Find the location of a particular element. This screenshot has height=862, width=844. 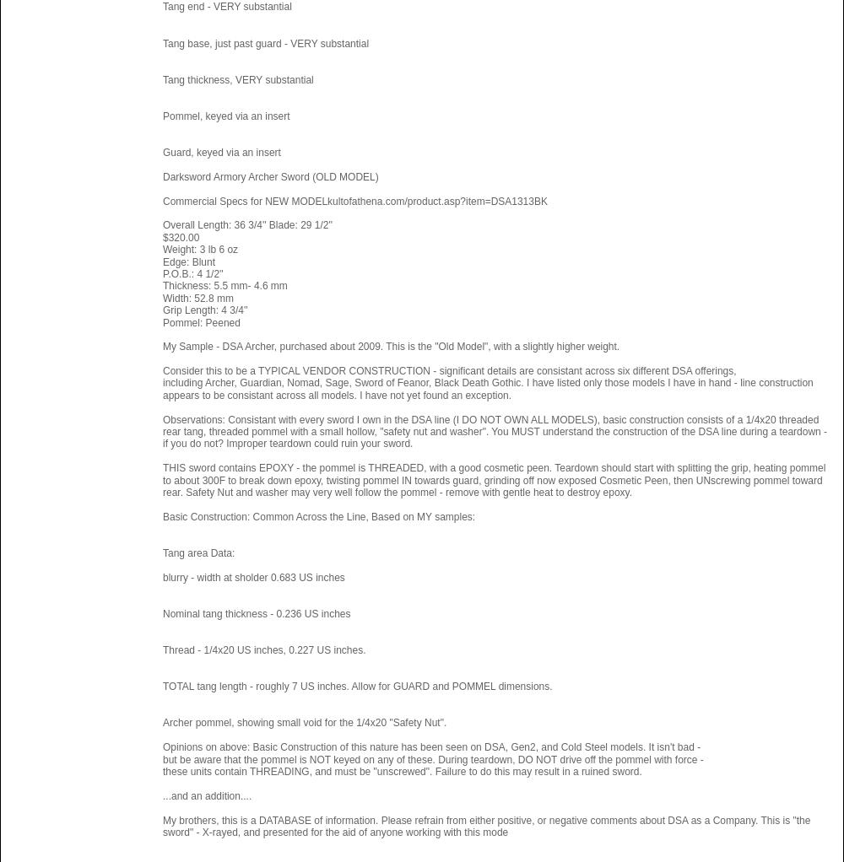

'My brothers, this is a DATABASE of information. Please refrain from either positive, or negative comments about DSA as a Company. This is "the sword" - X-rayed, and presented for the aid of anyone working with this mode' is located at coordinates (485, 824).